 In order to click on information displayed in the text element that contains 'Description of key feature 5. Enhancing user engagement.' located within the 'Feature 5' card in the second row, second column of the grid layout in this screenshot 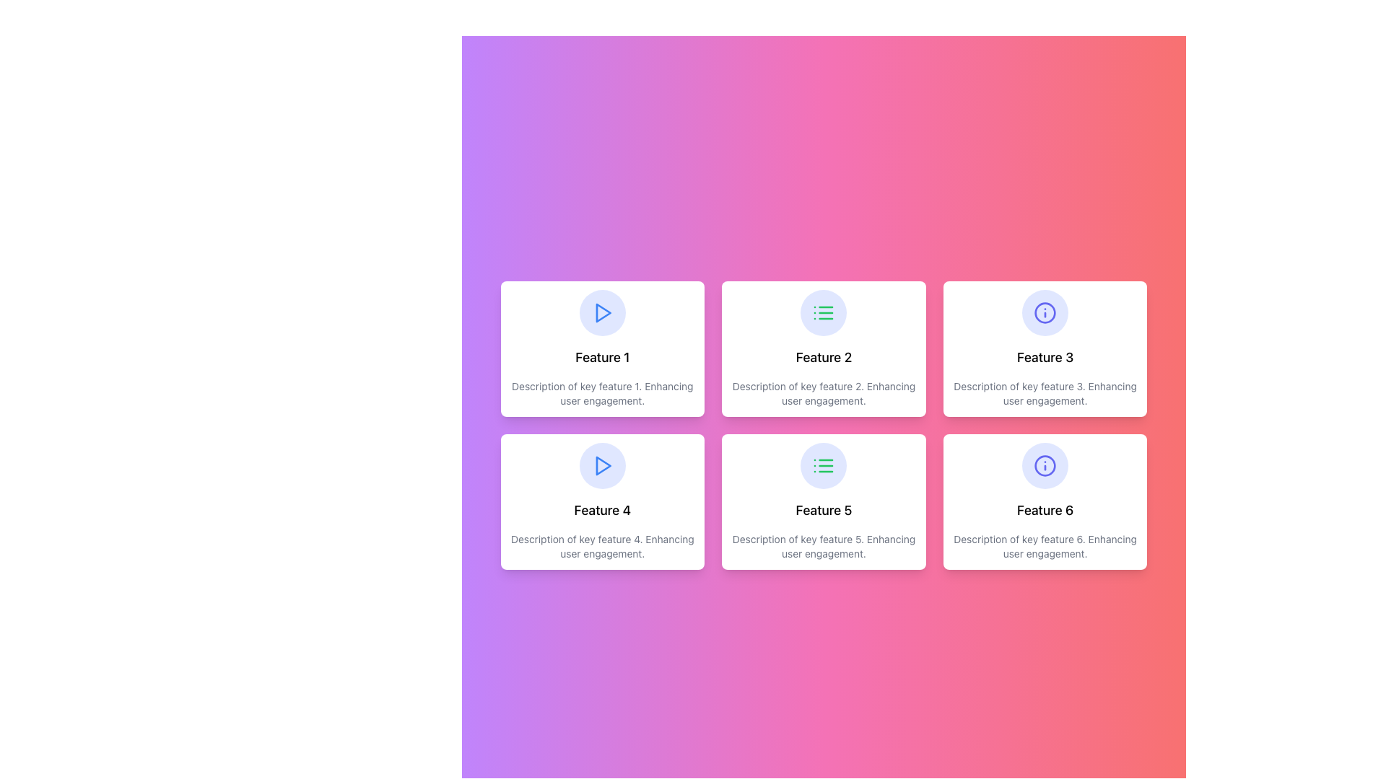, I will do `click(824, 547)`.